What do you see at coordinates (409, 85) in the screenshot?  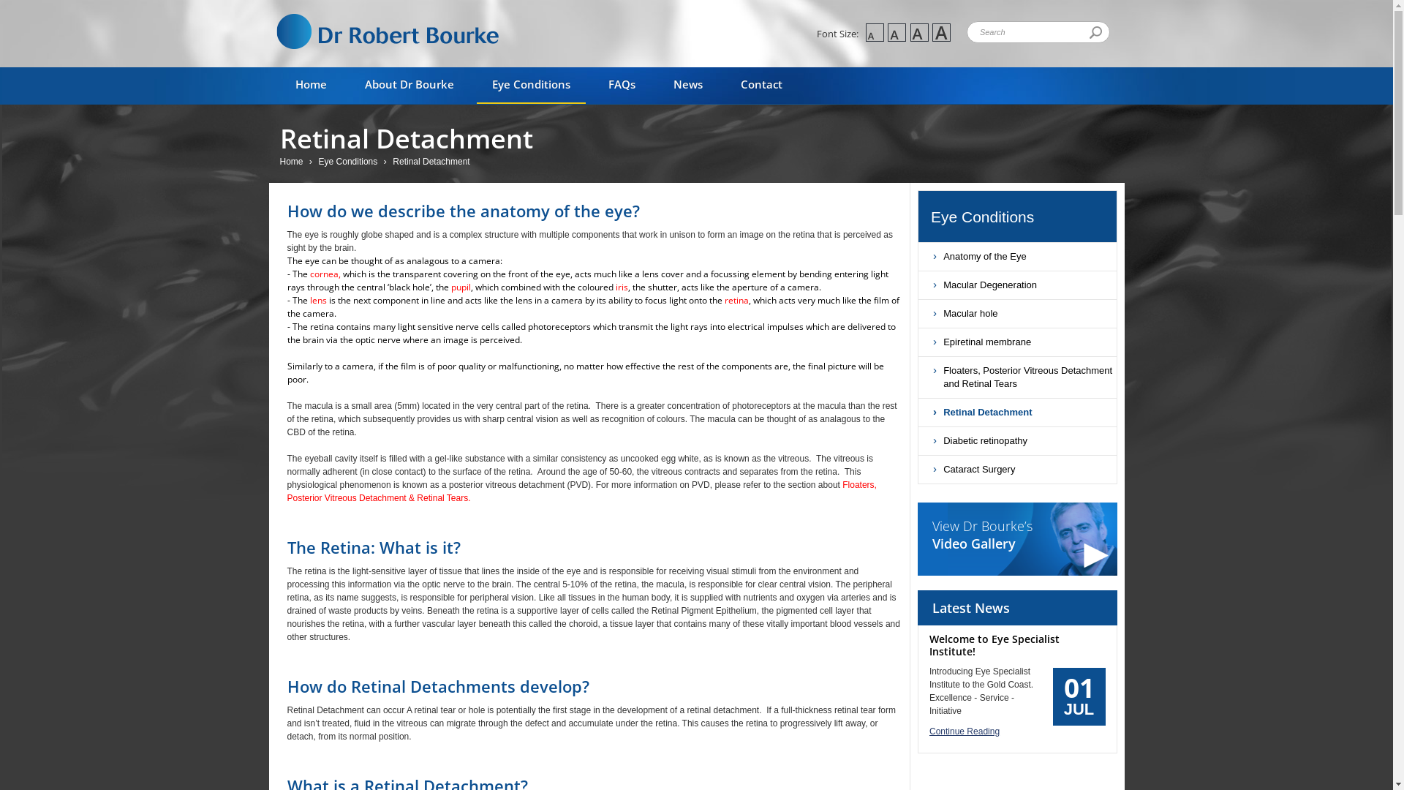 I see `'About Dr Bourke'` at bounding box center [409, 85].